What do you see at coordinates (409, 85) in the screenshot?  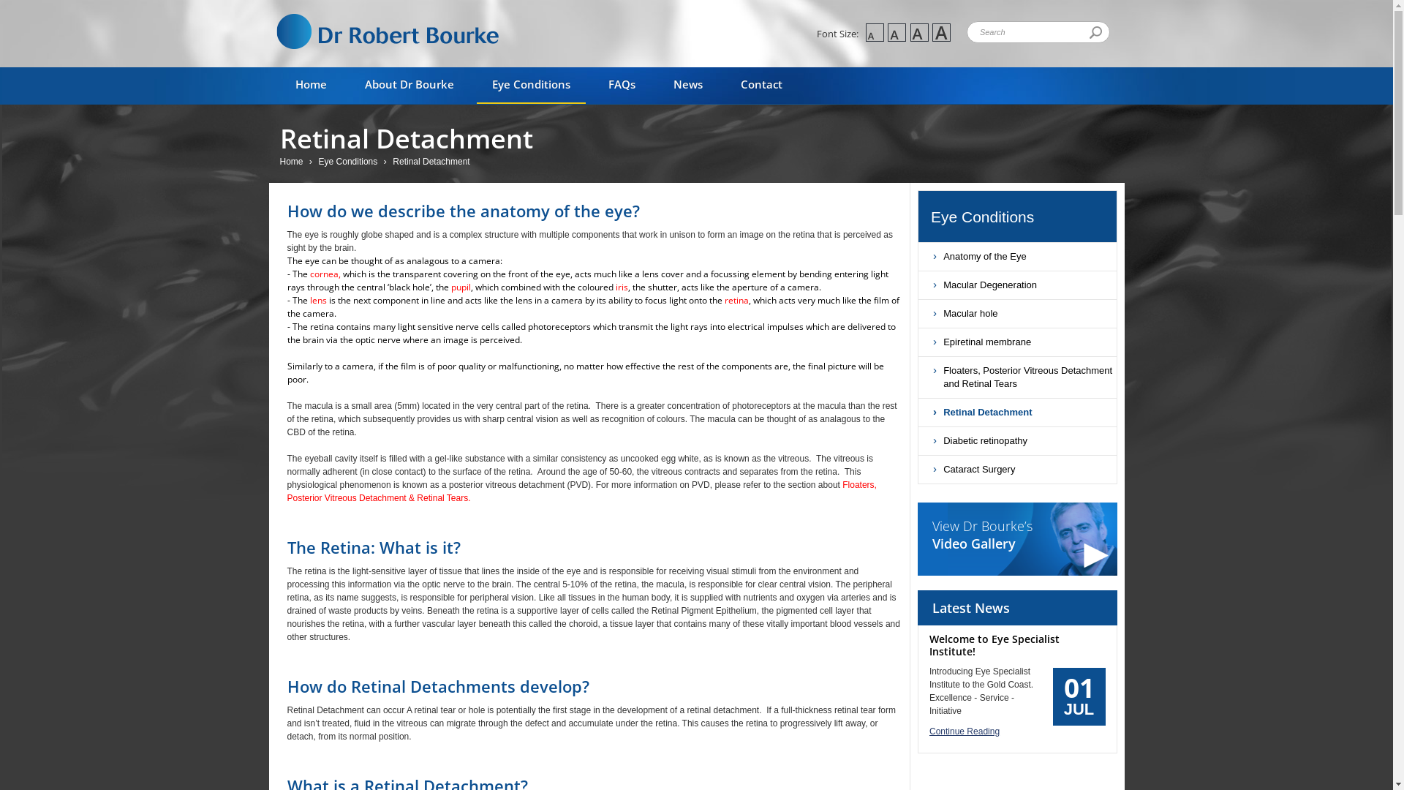 I see `'About Dr Bourke'` at bounding box center [409, 85].